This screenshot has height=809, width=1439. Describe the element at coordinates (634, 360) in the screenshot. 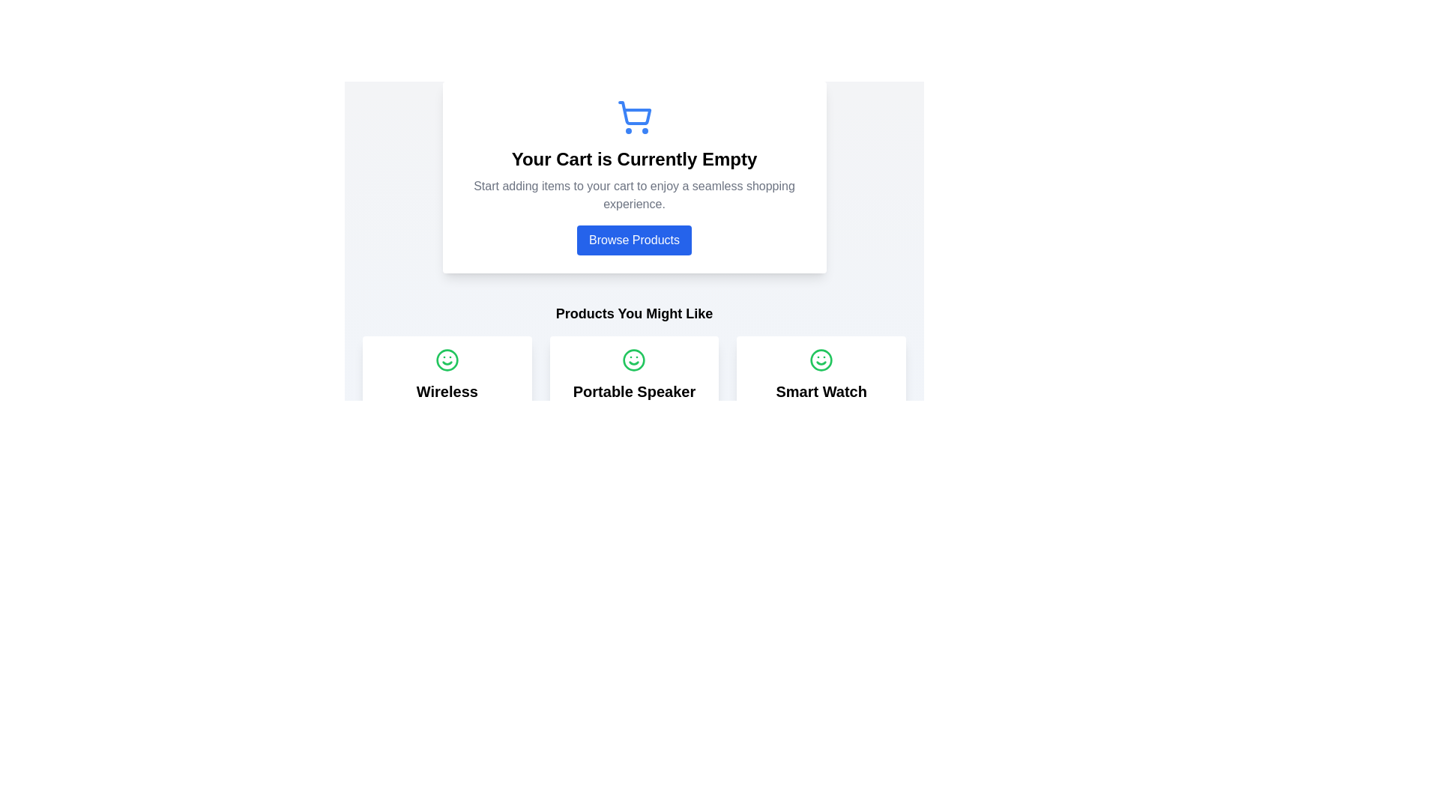

I see `the Decorative Icon that visually represents a positive association with the 'Portable Speaker' product, positioned centrally above the product title in the card UI` at that location.